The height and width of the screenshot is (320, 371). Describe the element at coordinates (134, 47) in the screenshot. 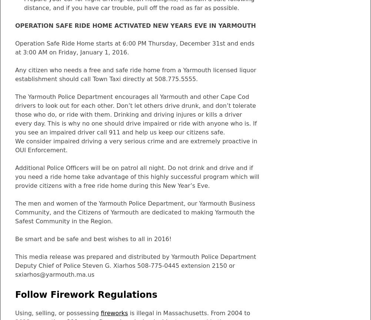

I see `'Operation Safe Ride Home starts at 6:00 PM Thursday, December 31st and ends at 3:00 AM on Friday, January 1, 2016.'` at that location.